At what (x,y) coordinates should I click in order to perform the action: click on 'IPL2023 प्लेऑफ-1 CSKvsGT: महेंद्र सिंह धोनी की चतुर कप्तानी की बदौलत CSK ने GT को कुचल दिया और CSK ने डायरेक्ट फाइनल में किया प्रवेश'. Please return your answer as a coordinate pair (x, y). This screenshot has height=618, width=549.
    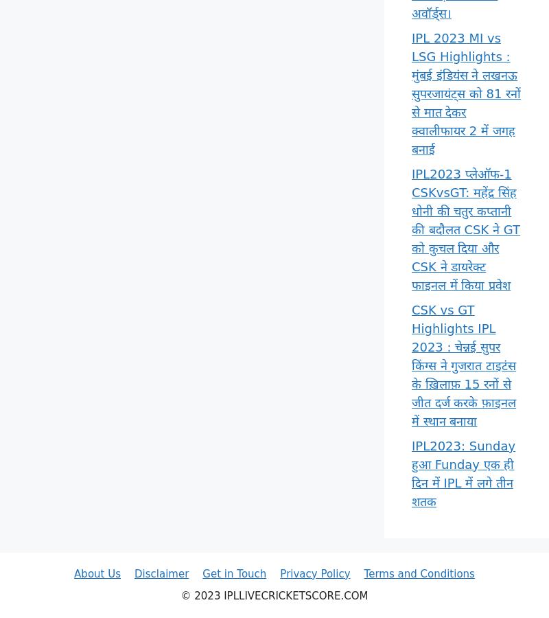
    Looking at the image, I should click on (466, 228).